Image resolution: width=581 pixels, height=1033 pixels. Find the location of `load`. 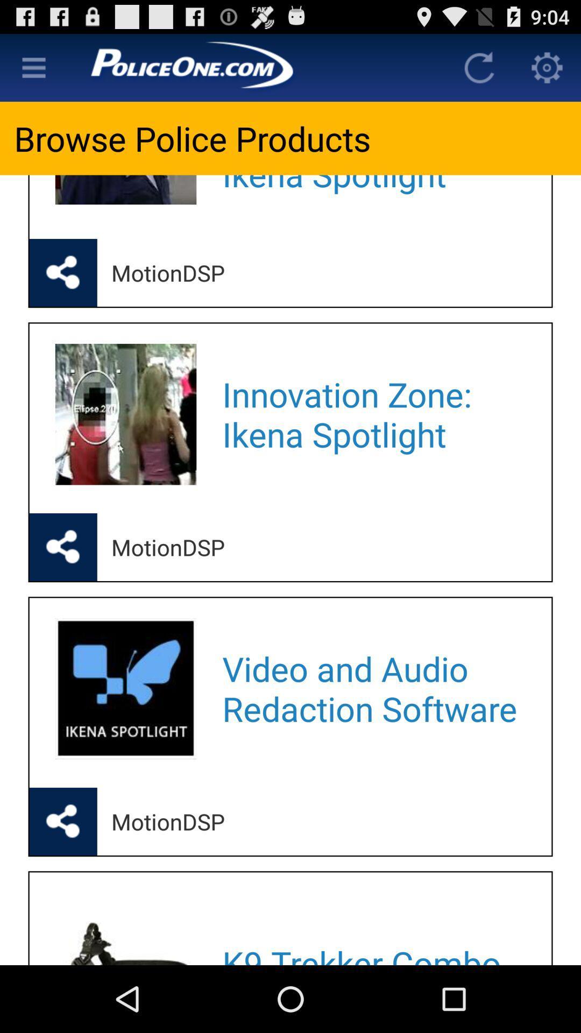

load is located at coordinates (479, 67).